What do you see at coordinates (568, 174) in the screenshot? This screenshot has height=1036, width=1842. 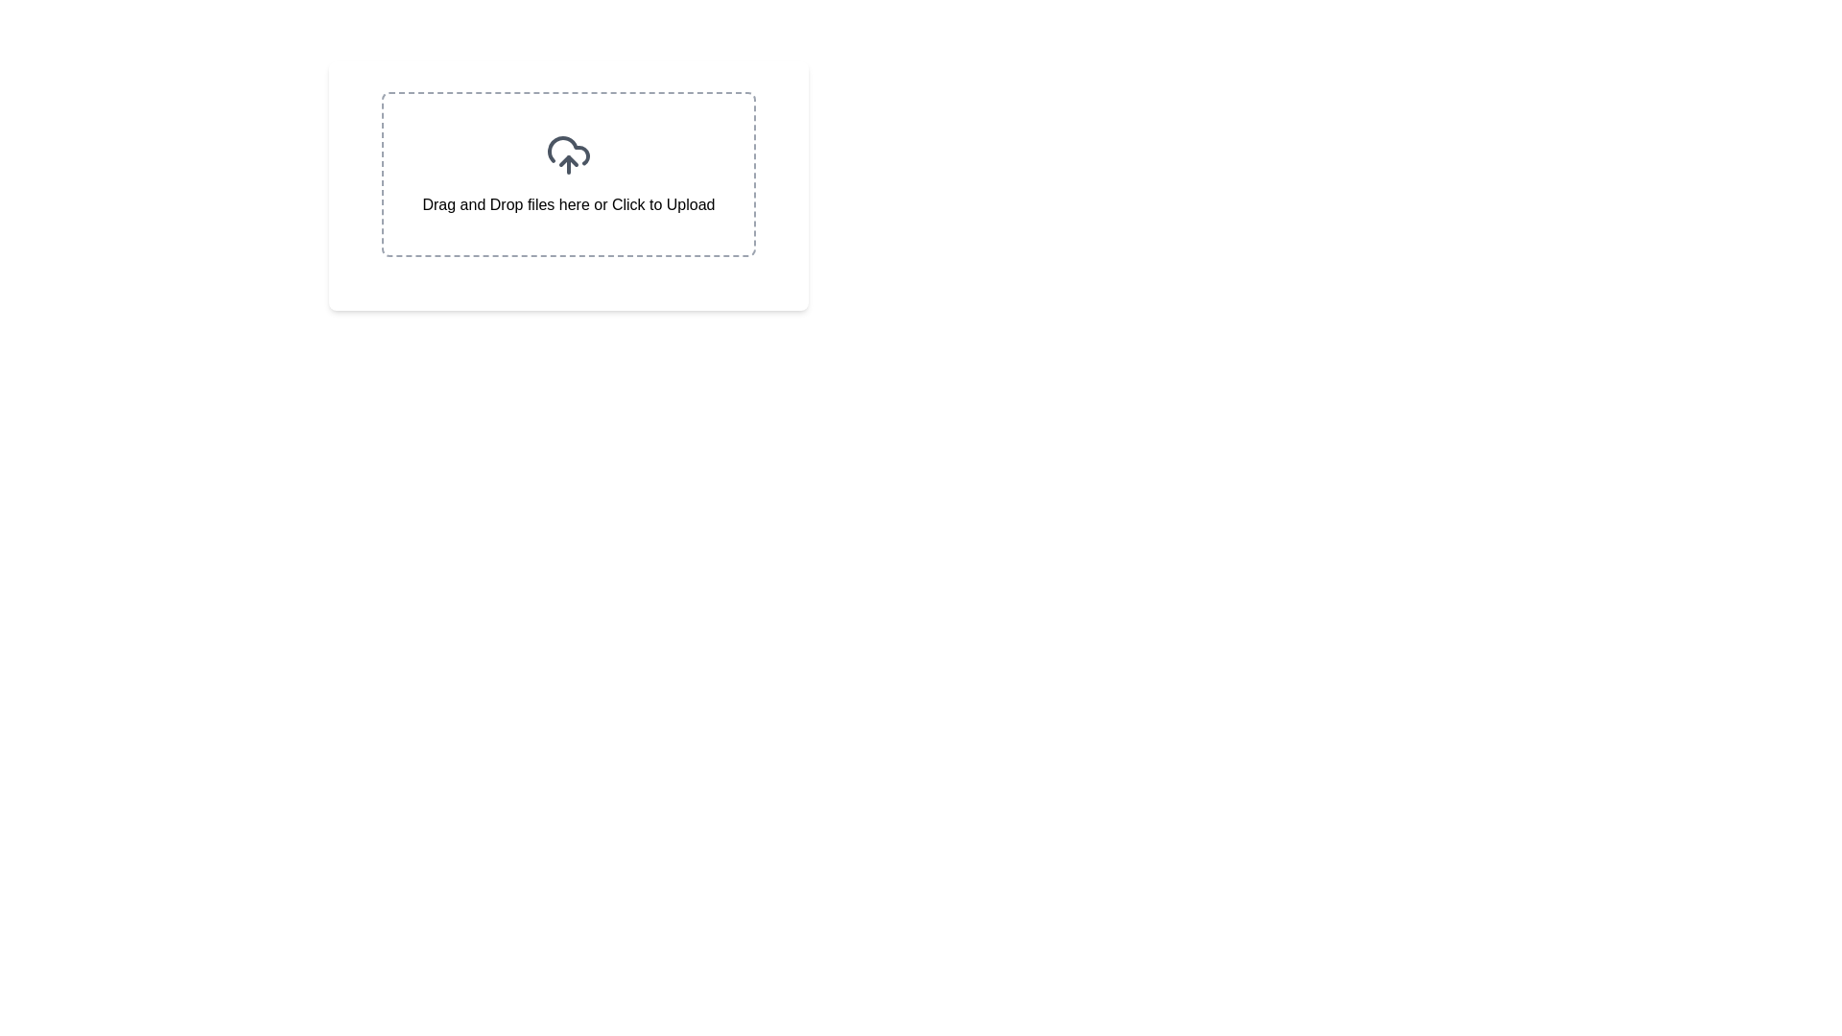 I see `files onto the Dropzone interface, which features a dashed border and an upward arrow icon` at bounding box center [568, 174].